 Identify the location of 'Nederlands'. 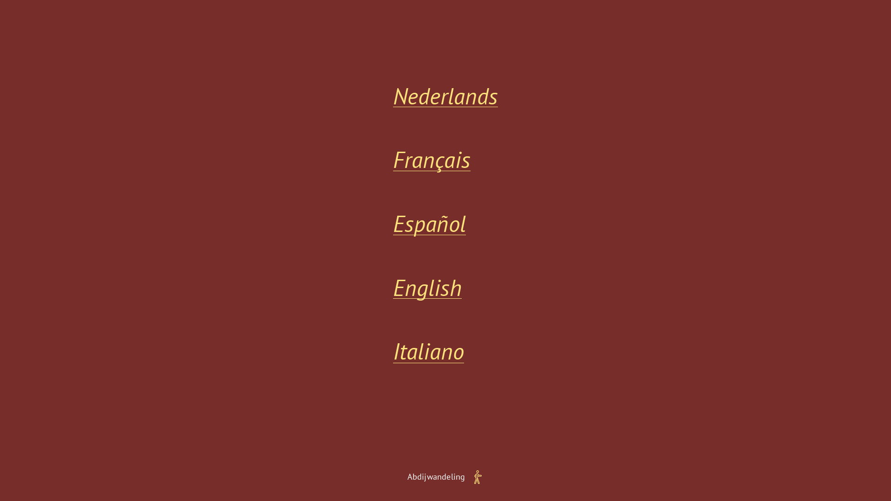
(445, 96).